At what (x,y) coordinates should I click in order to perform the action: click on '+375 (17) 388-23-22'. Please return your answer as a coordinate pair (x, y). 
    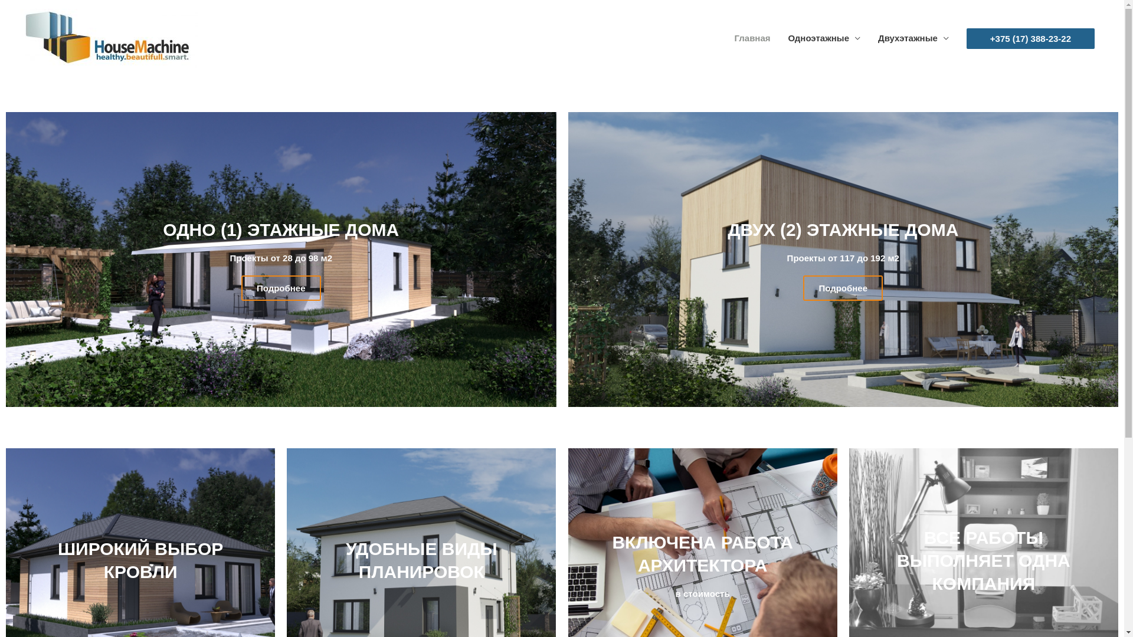
    Looking at the image, I should click on (1030, 38).